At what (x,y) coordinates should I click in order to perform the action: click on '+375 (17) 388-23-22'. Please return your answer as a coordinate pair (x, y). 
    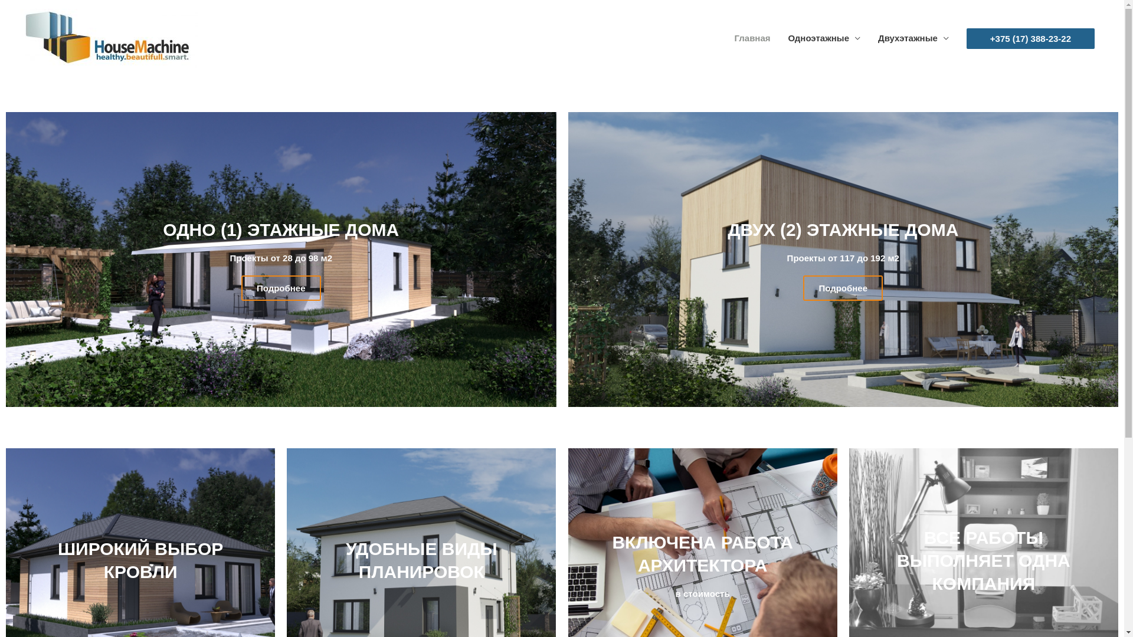
    Looking at the image, I should click on (1030, 38).